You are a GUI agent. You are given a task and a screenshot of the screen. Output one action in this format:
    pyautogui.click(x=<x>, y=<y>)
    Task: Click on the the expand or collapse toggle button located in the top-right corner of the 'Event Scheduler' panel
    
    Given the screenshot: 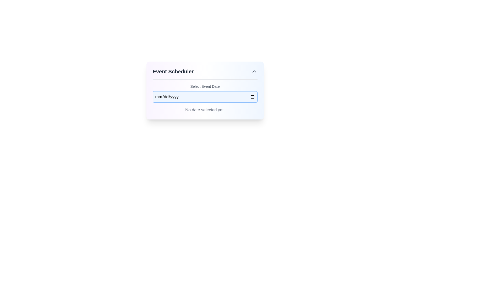 What is the action you would take?
    pyautogui.click(x=254, y=72)
    